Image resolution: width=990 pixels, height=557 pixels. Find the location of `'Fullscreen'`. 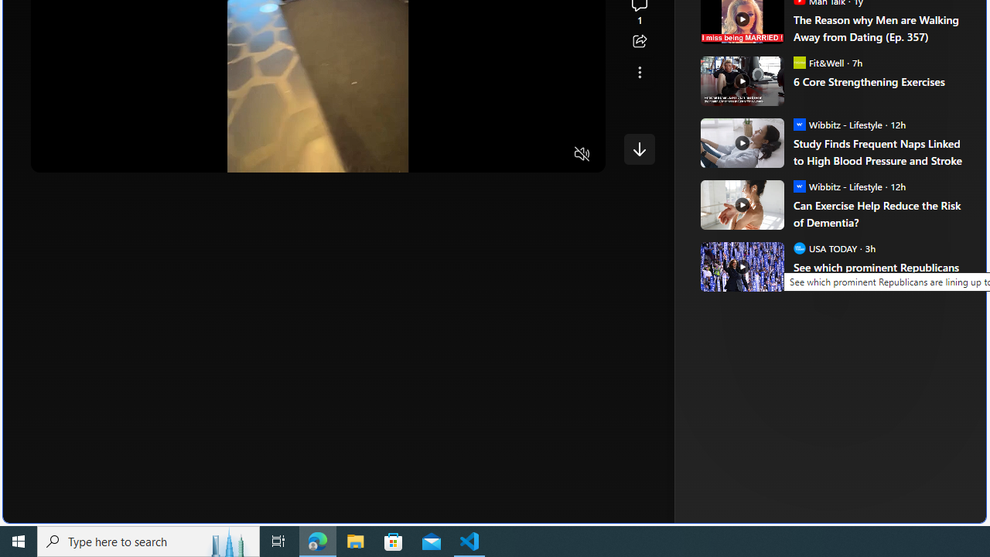

'Fullscreen' is located at coordinates (552, 155).